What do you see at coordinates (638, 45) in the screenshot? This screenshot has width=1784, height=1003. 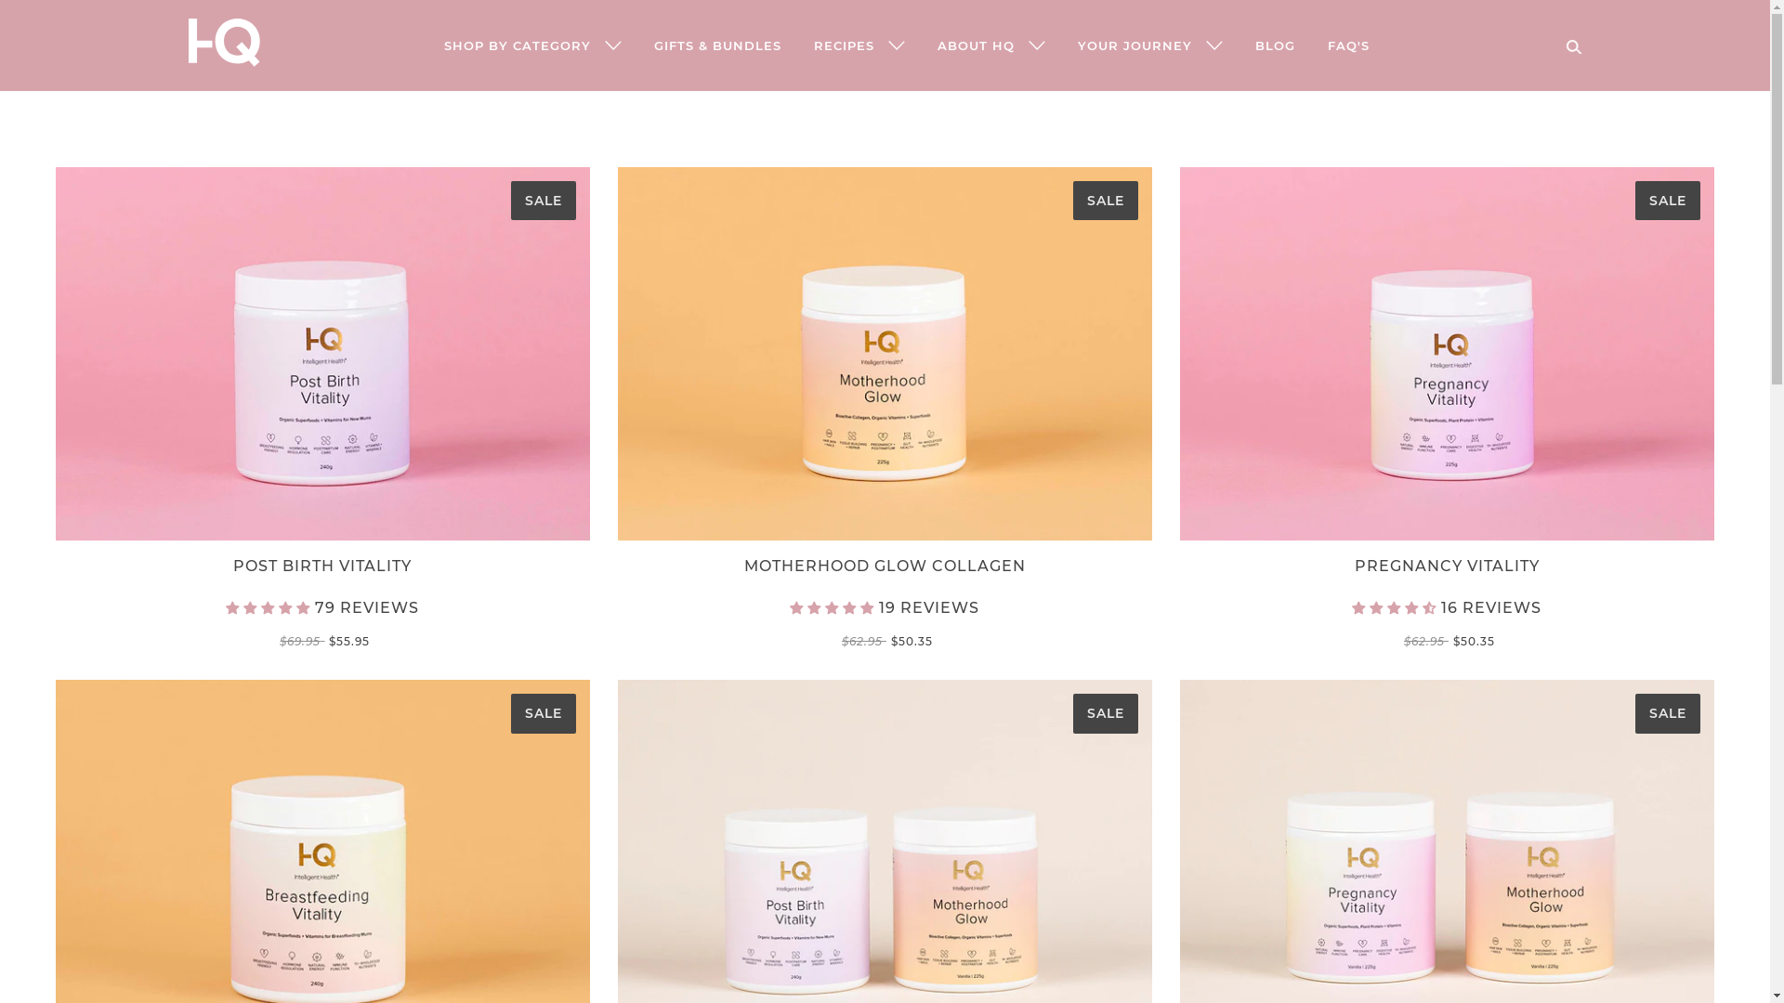 I see `'GIFTS & BUNDLES'` at bounding box center [638, 45].